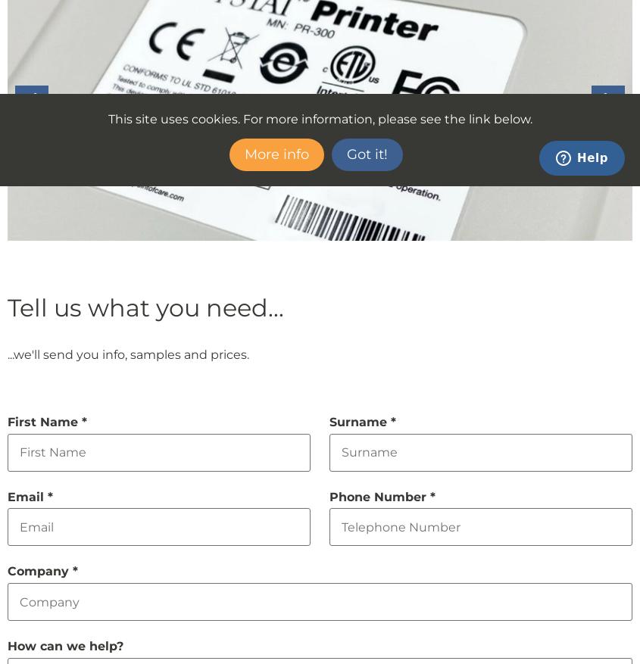 The width and height of the screenshot is (640, 664). I want to click on 'Tell us what you need...', so click(145, 306).